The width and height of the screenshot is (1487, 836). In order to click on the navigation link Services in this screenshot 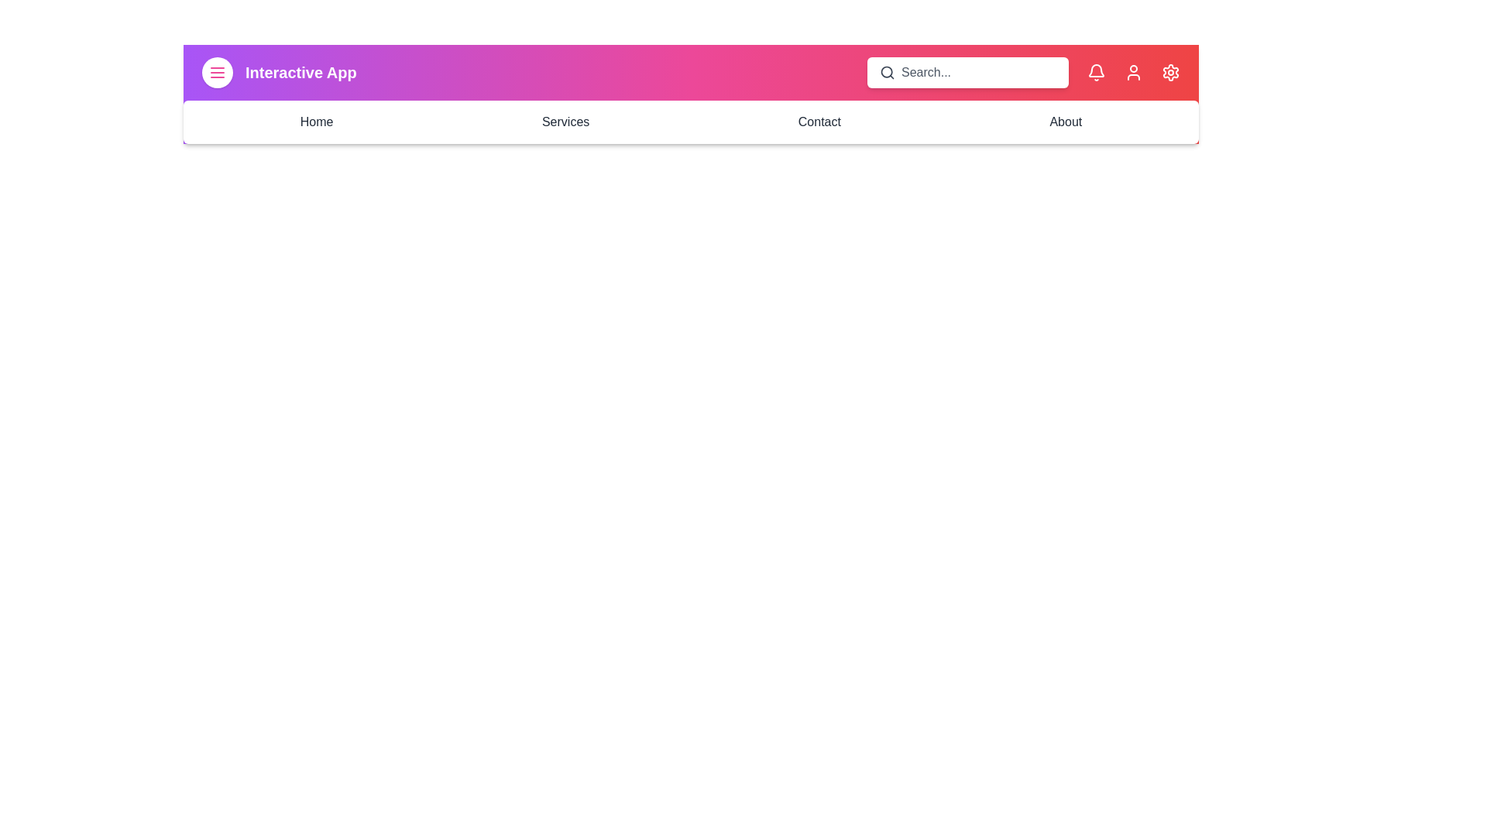, I will do `click(565, 122)`.